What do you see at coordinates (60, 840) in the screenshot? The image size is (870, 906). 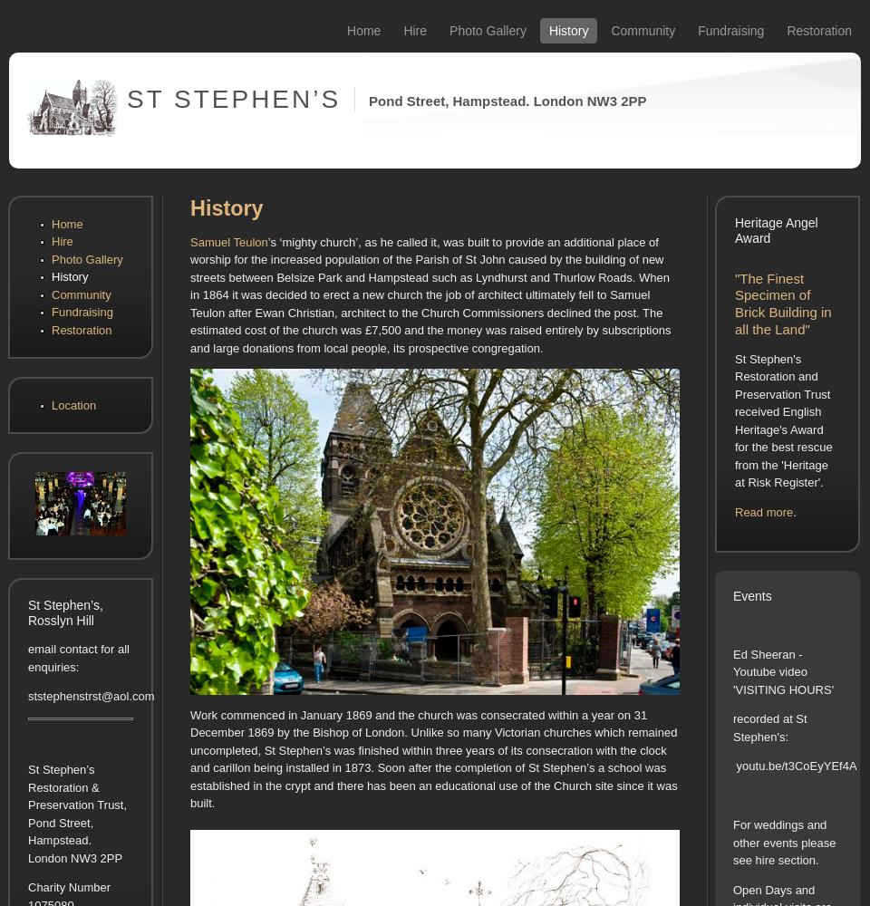 I see `'Hampstead.'` at bounding box center [60, 840].